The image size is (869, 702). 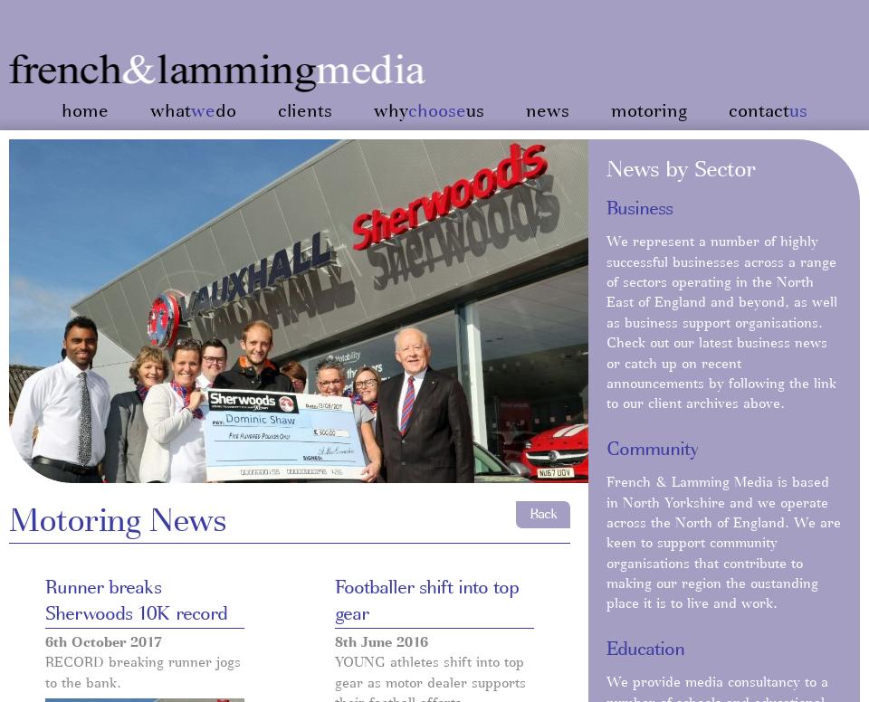 I want to click on 'why', so click(x=391, y=111).